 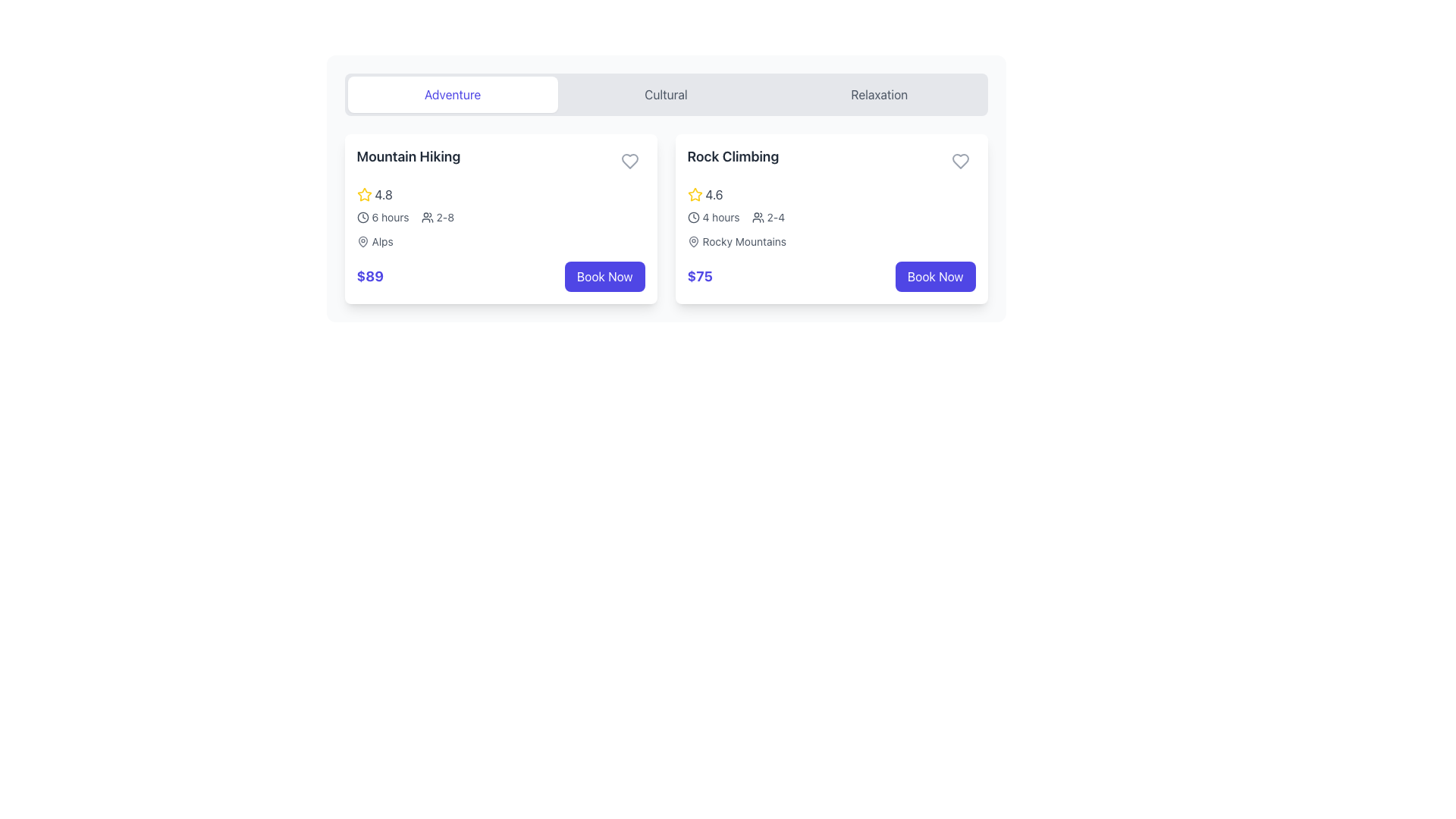 I want to click on the 'Cultural' button, which is the medium-sized rectangular button with gray text and rounded corners, located between the 'Adventure' and 'Relaxation' buttons, so click(x=666, y=94).